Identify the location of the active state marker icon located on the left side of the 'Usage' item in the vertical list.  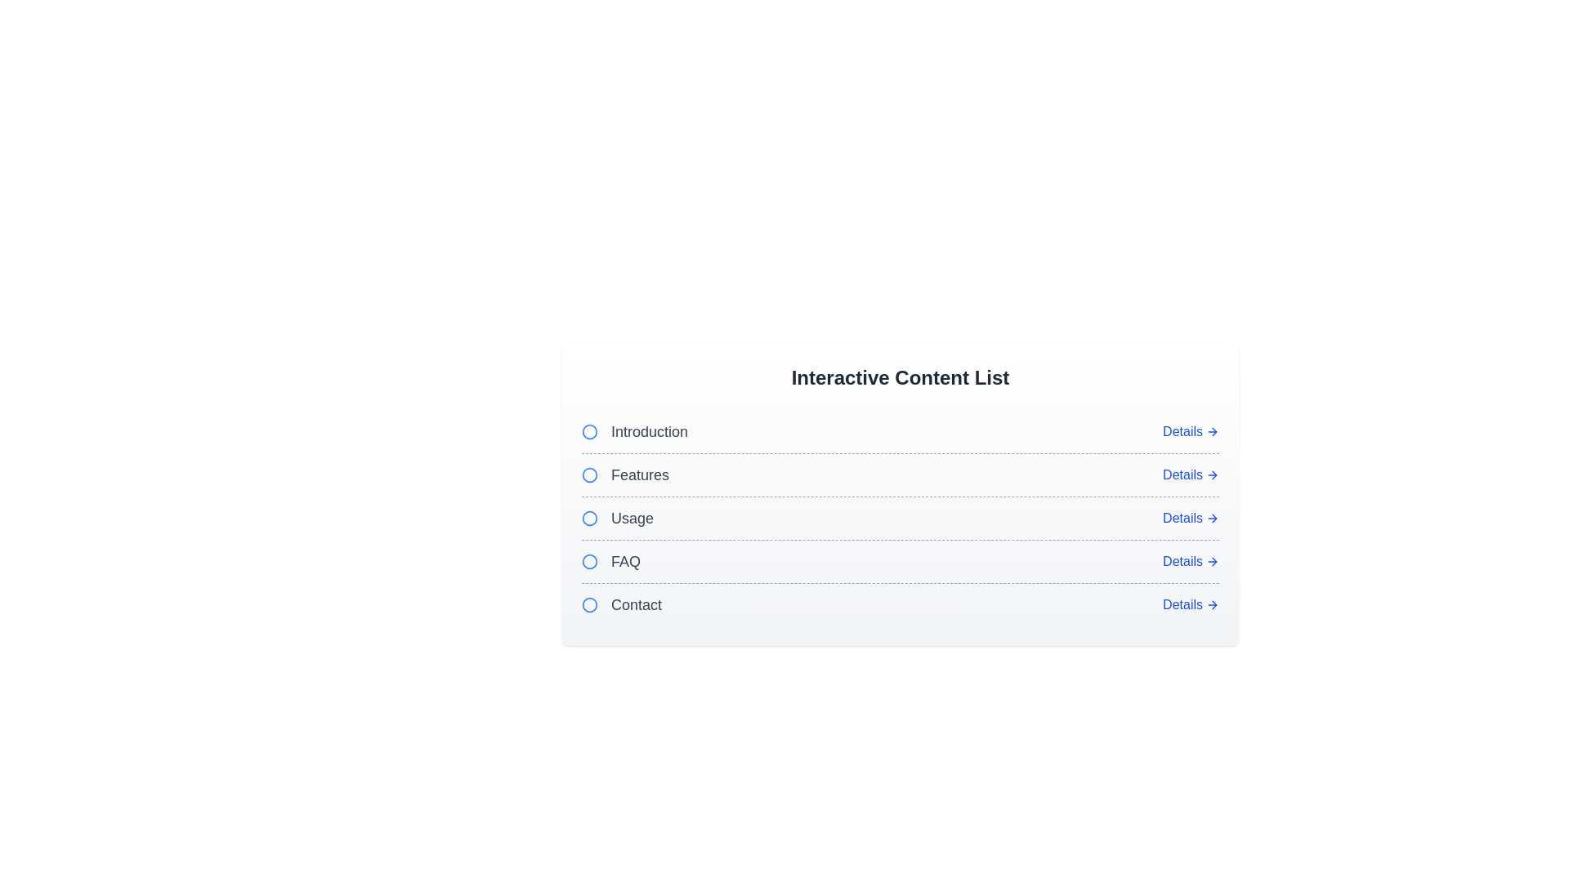
(588, 519).